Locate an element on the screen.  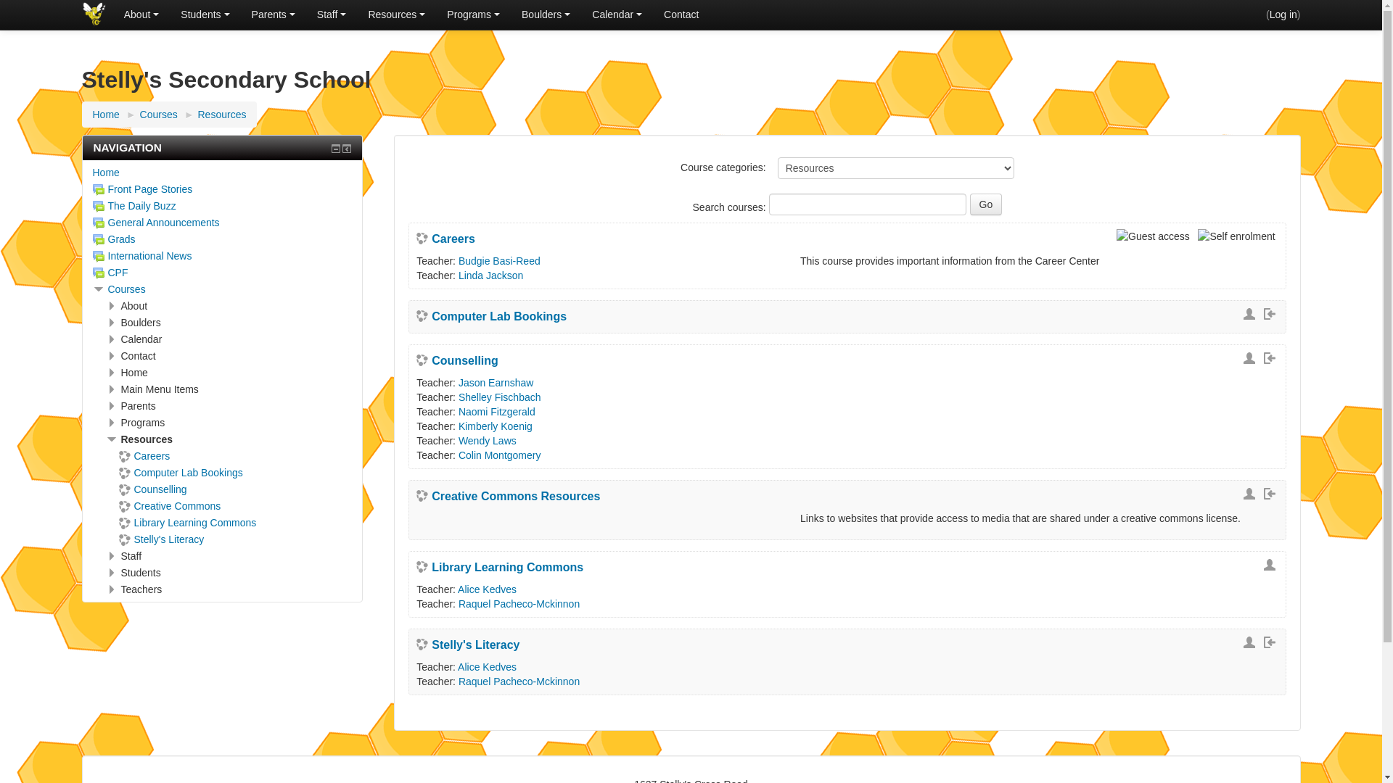
'Log in' is located at coordinates (1283, 14).